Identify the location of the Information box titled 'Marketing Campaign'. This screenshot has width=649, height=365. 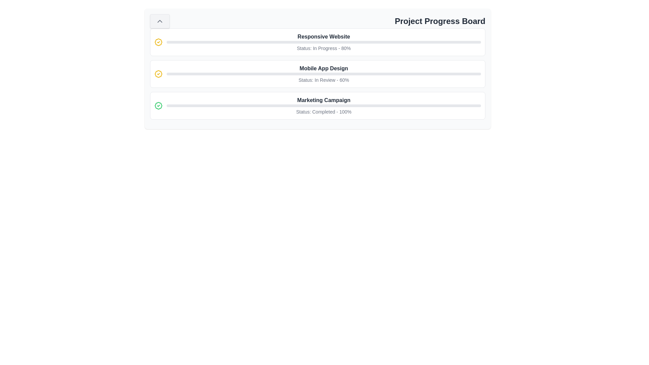
(317, 105).